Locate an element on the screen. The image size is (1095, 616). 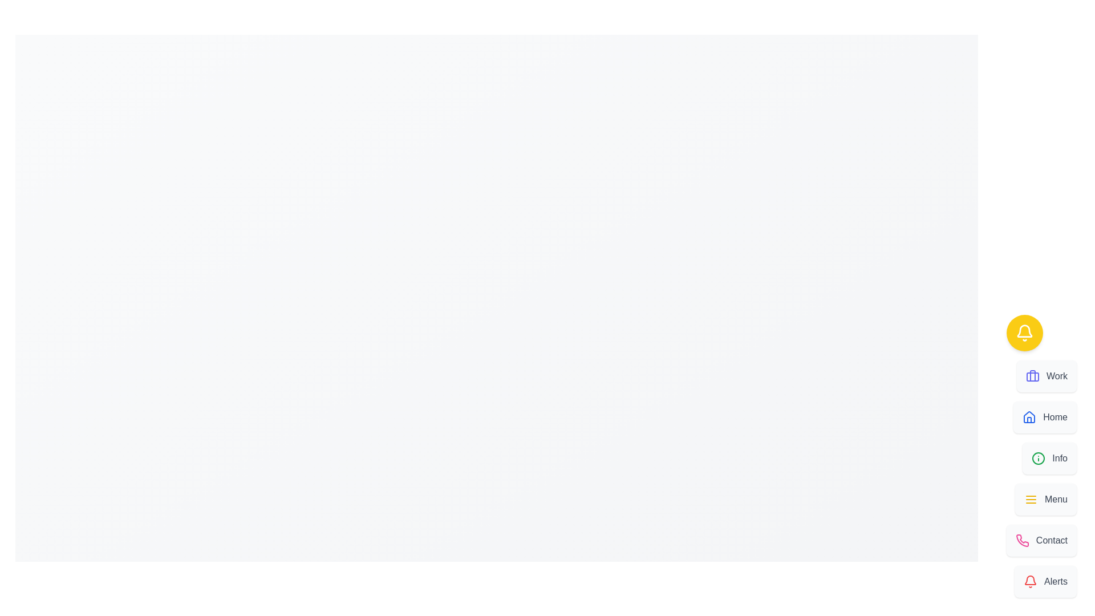
the option Menu from the Speed Dial menu is located at coordinates (1045, 499).